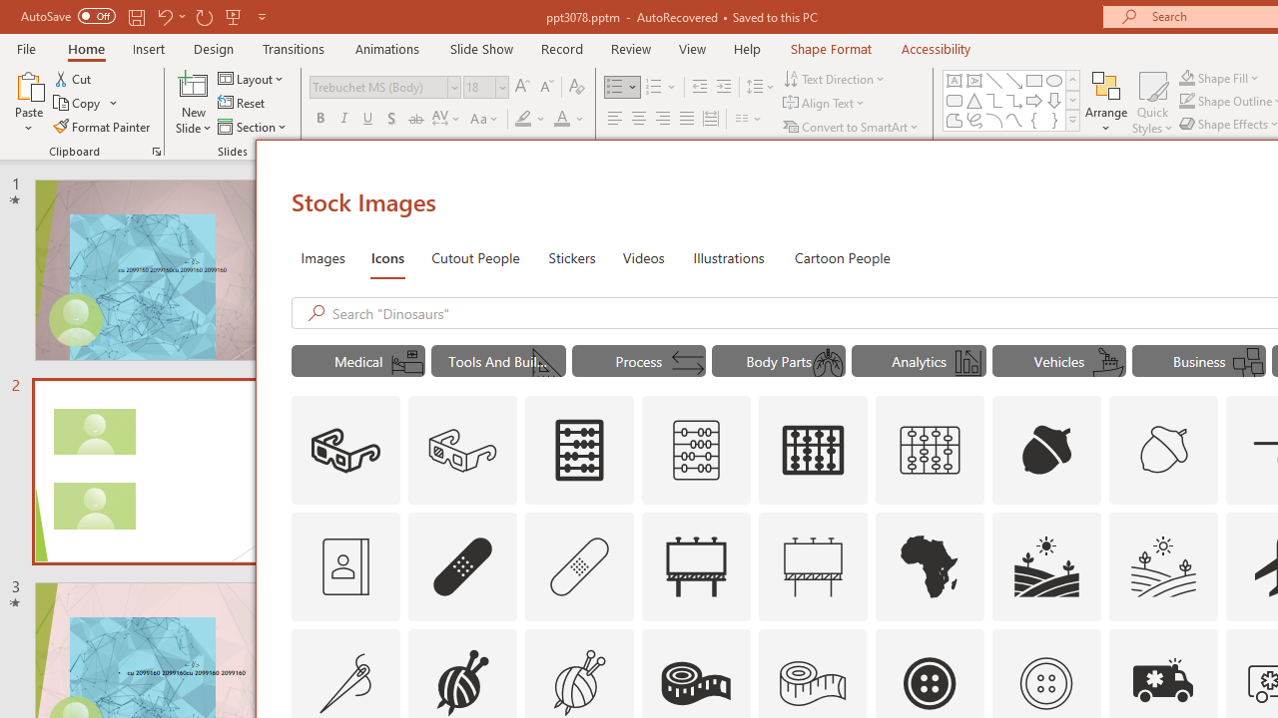 Image resolution: width=1278 pixels, height=718 pixels. Describe the element at coordinates (842, 256) in the screenshot. I see `'Cartoon People'` at that location.